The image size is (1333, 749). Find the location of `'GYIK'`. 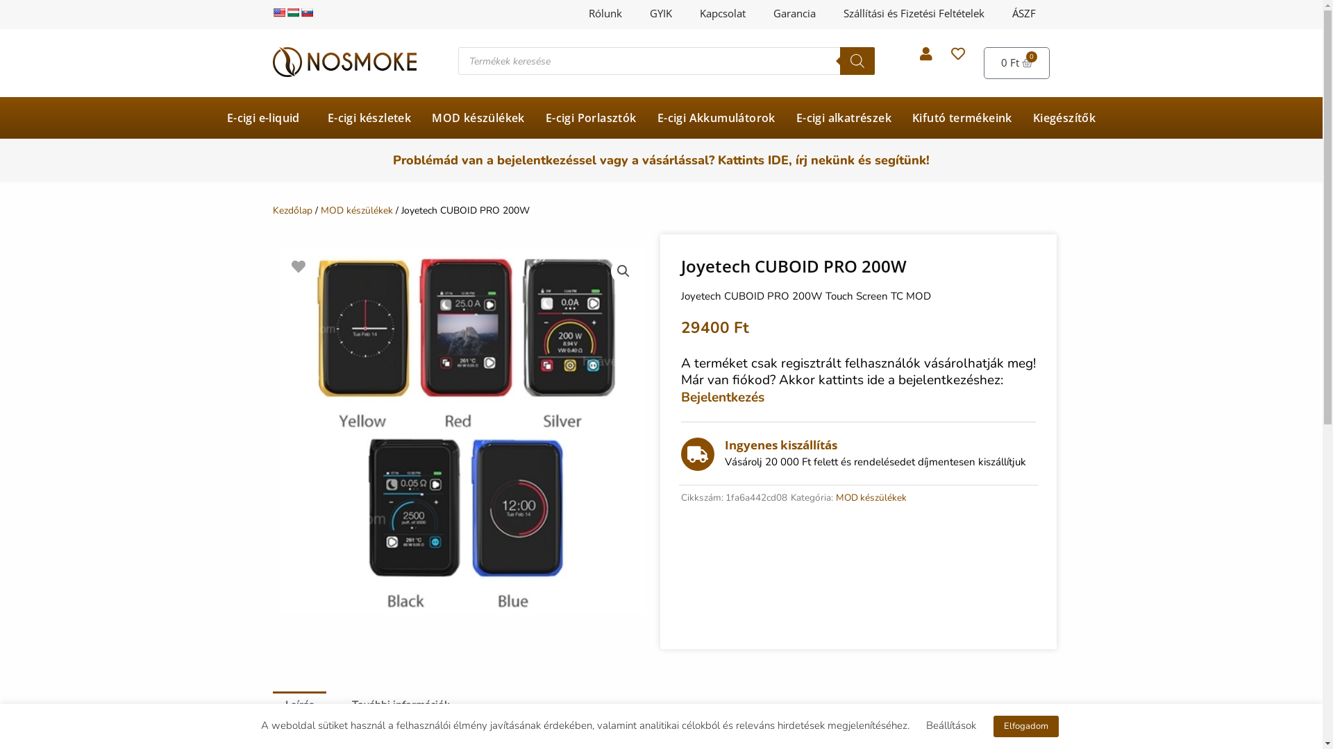

'GYIK' is located at coordinates (635, 13).